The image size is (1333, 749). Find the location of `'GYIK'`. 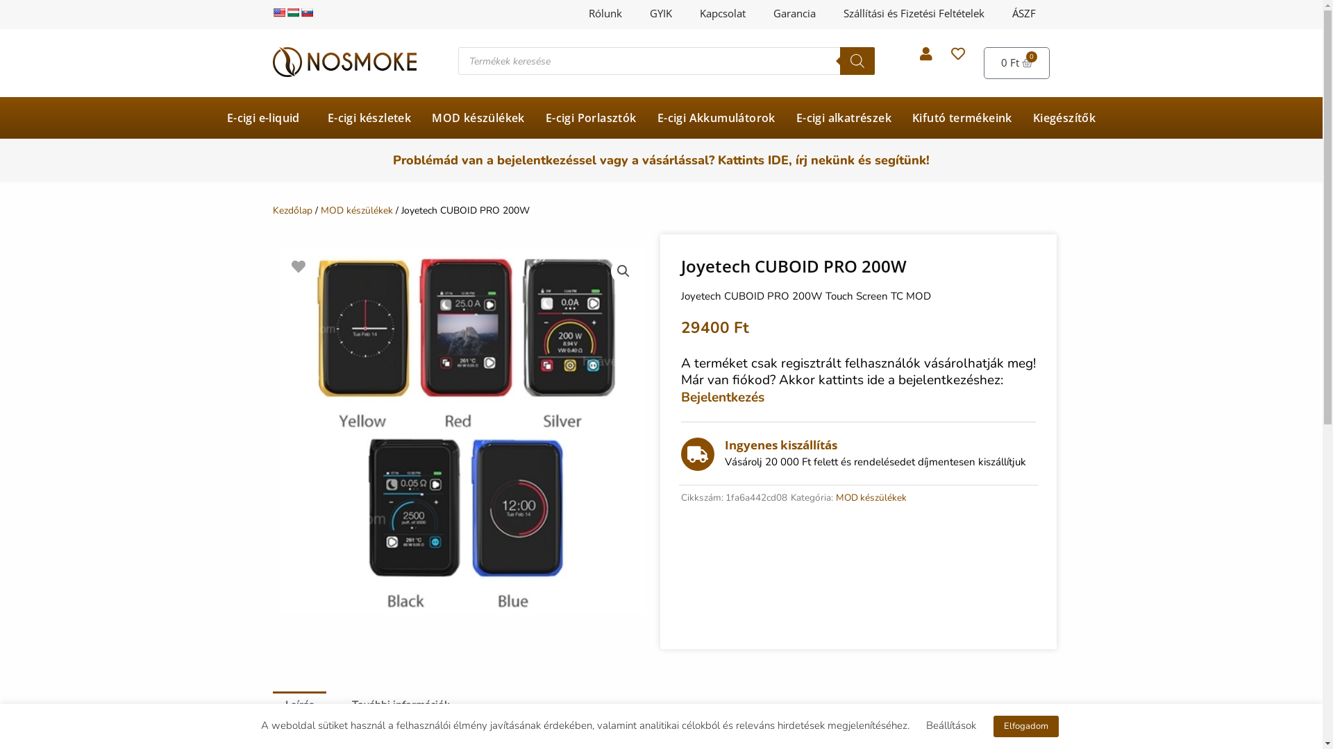

'GYIK' is located at coordinates (635, 13).